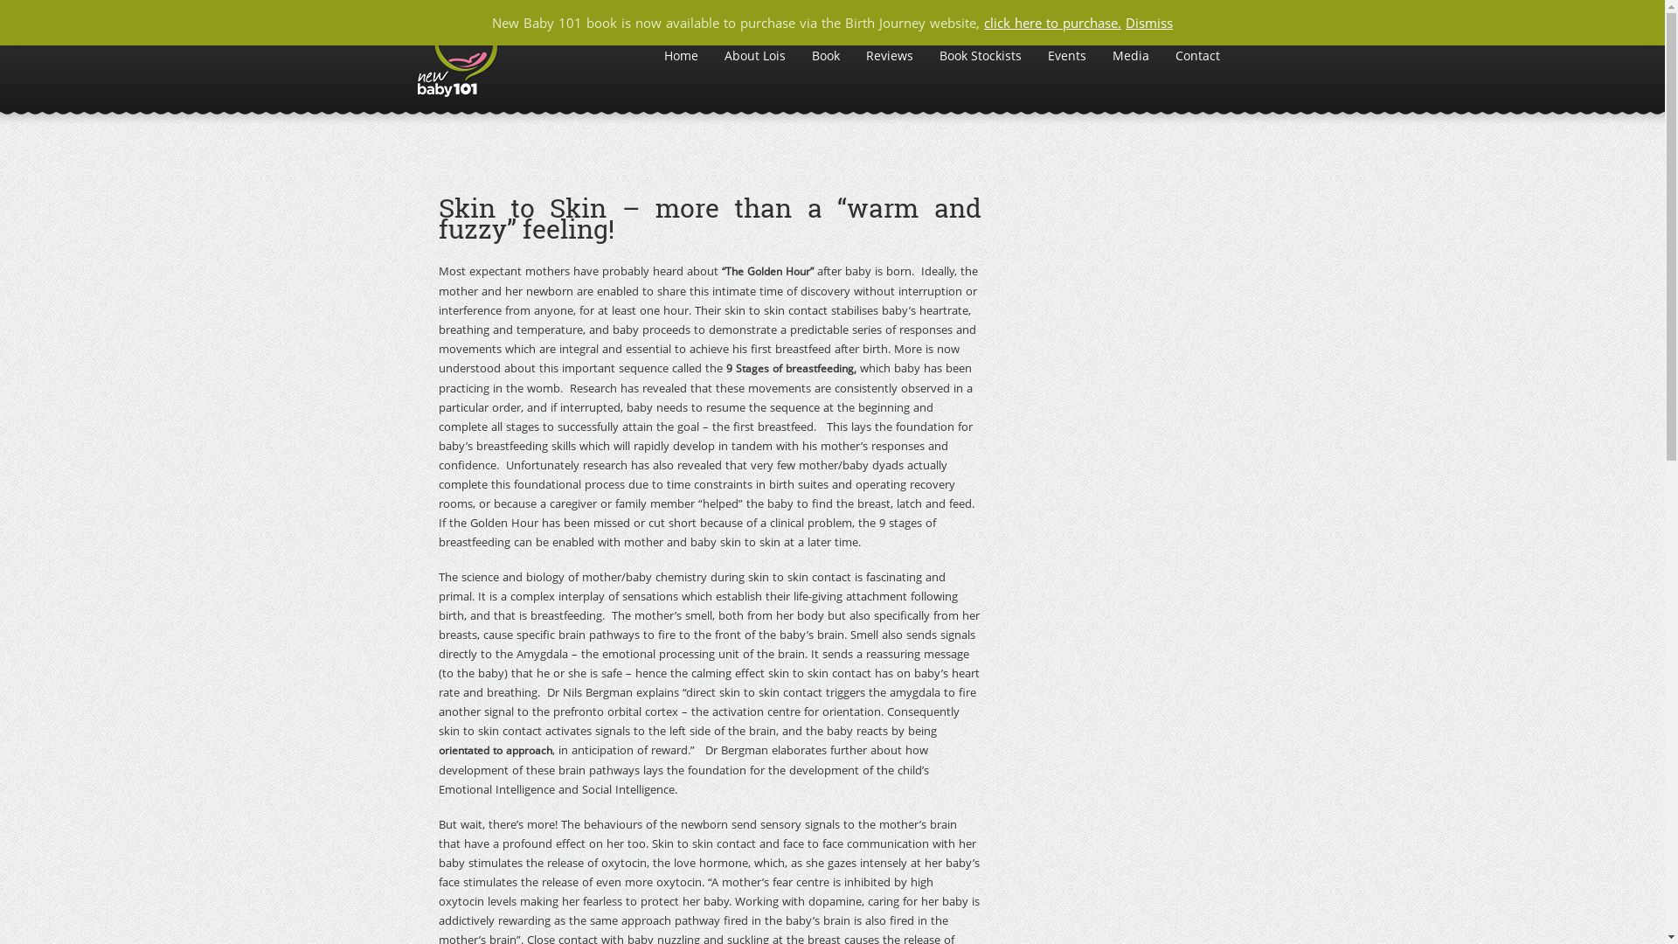  I want to click on 'Book Stockists', so click(980, 55).